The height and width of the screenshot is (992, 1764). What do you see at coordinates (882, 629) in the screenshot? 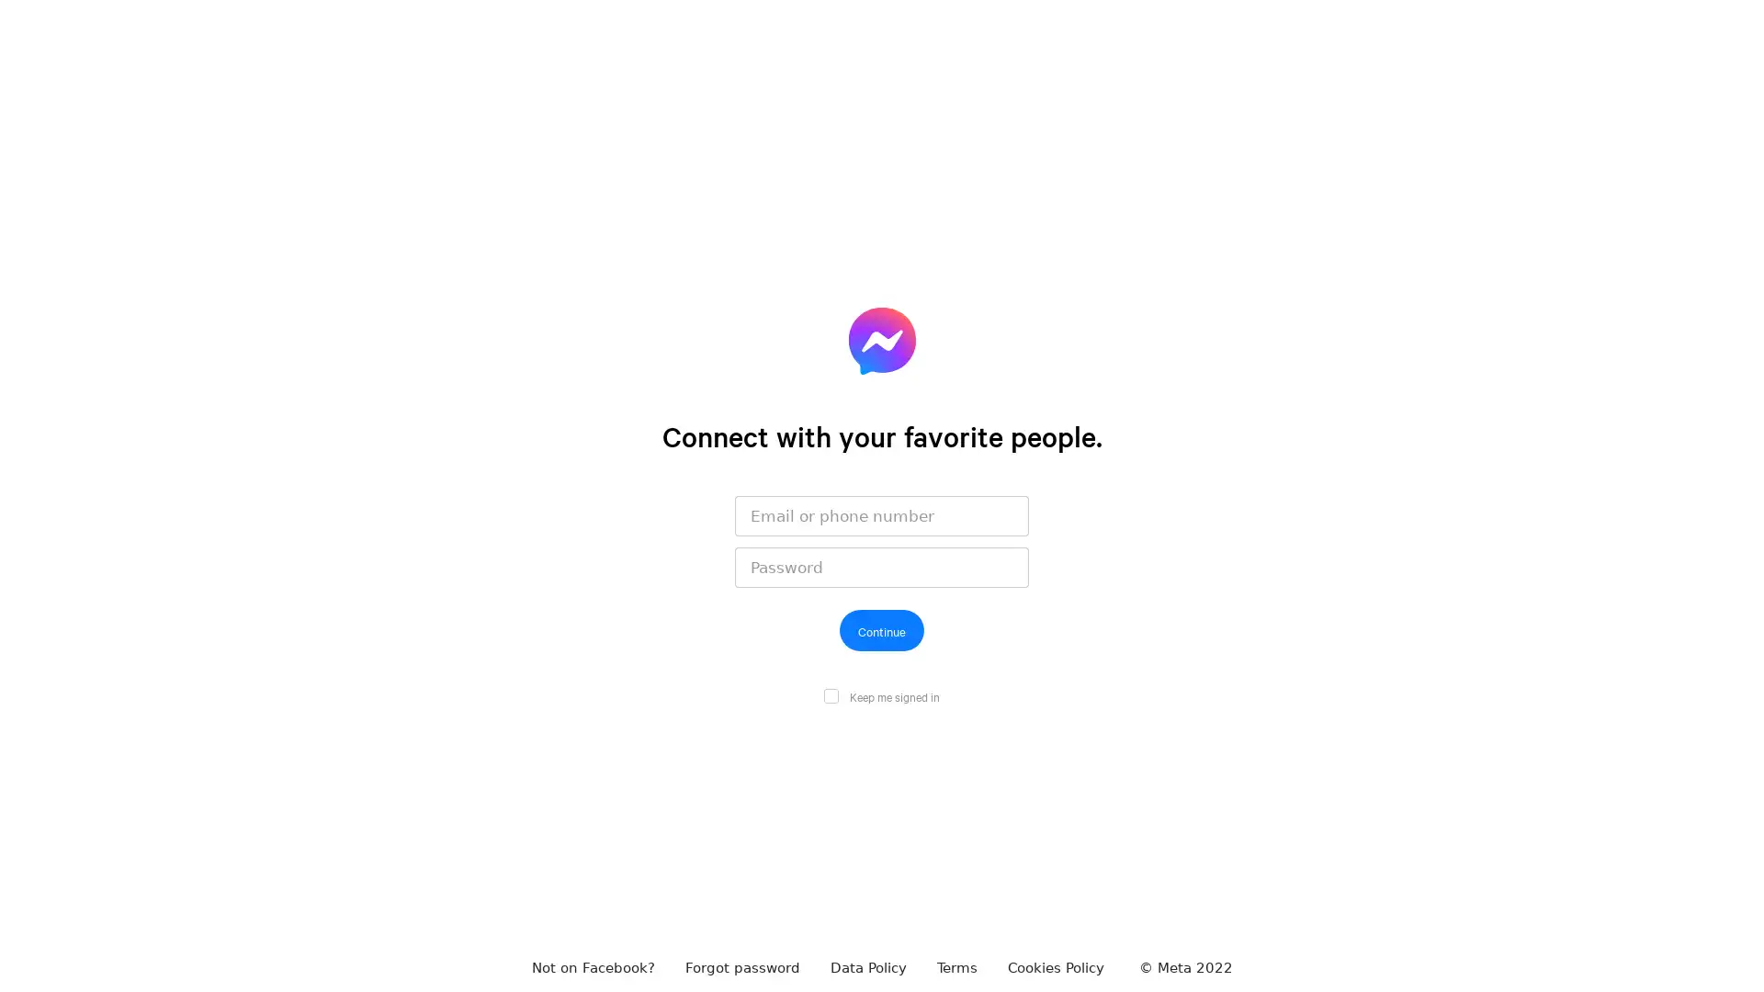
I see `Continue` at bounding box center [882, 629].